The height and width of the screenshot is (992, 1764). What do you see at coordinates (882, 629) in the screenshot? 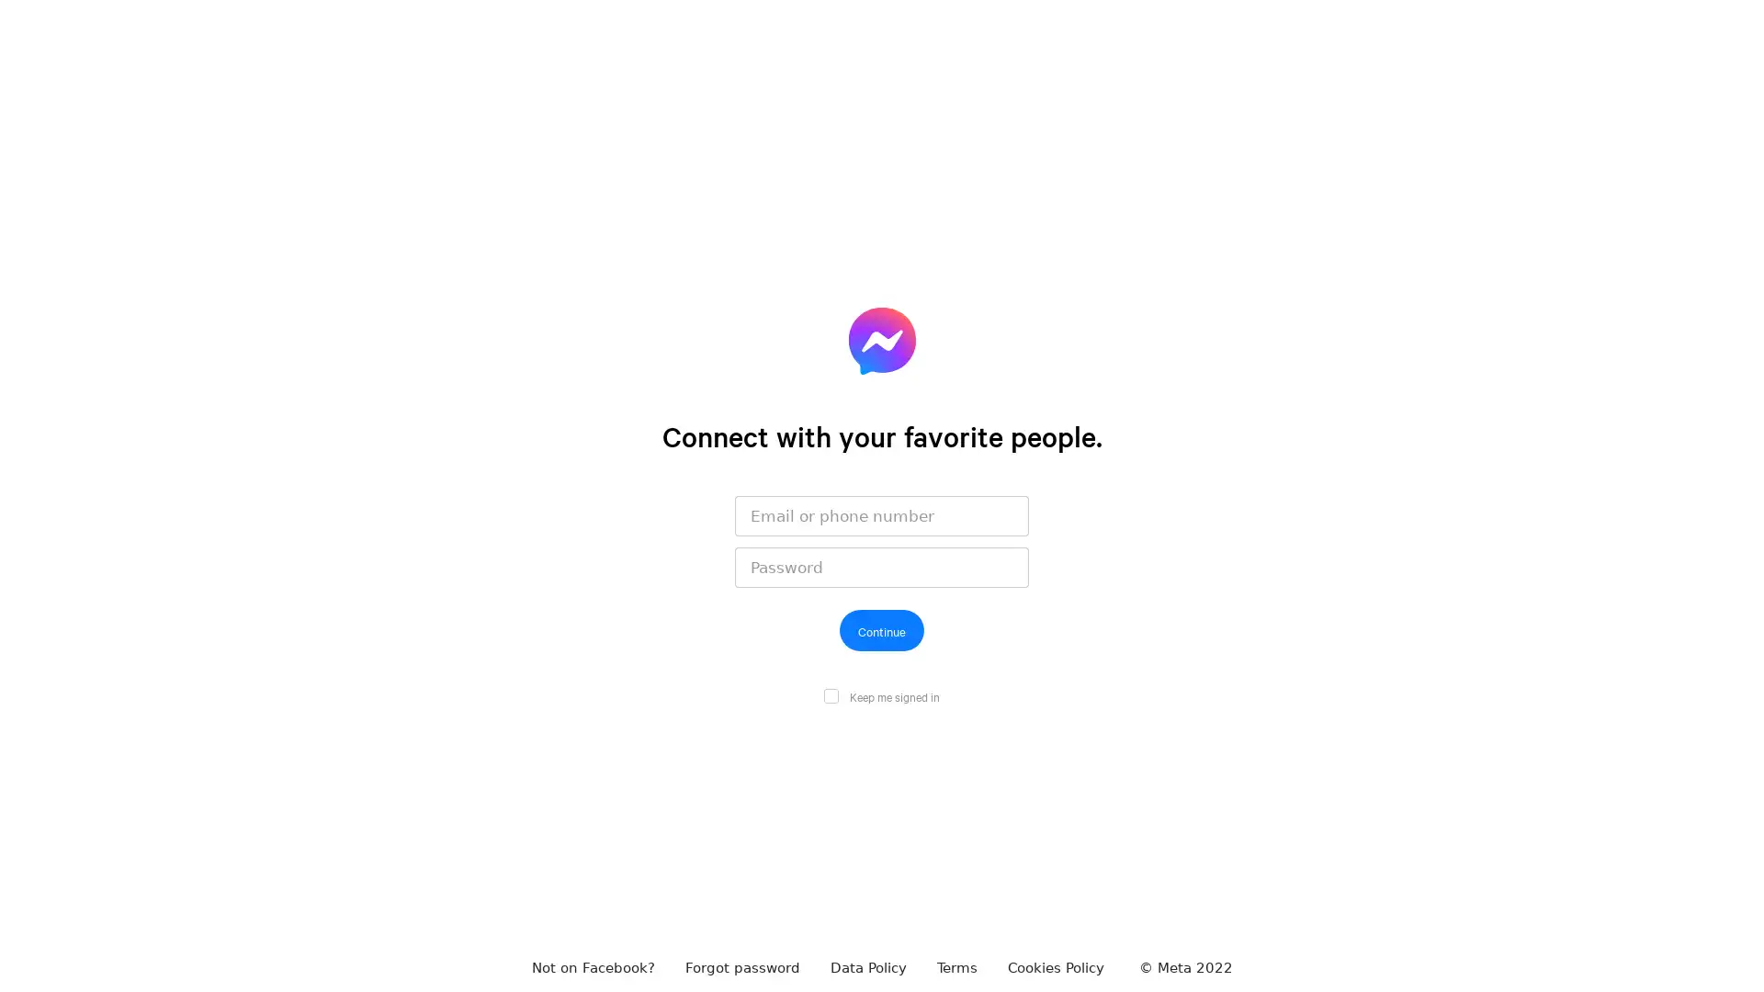
I see `Continue` at bounding box center [882, 629].